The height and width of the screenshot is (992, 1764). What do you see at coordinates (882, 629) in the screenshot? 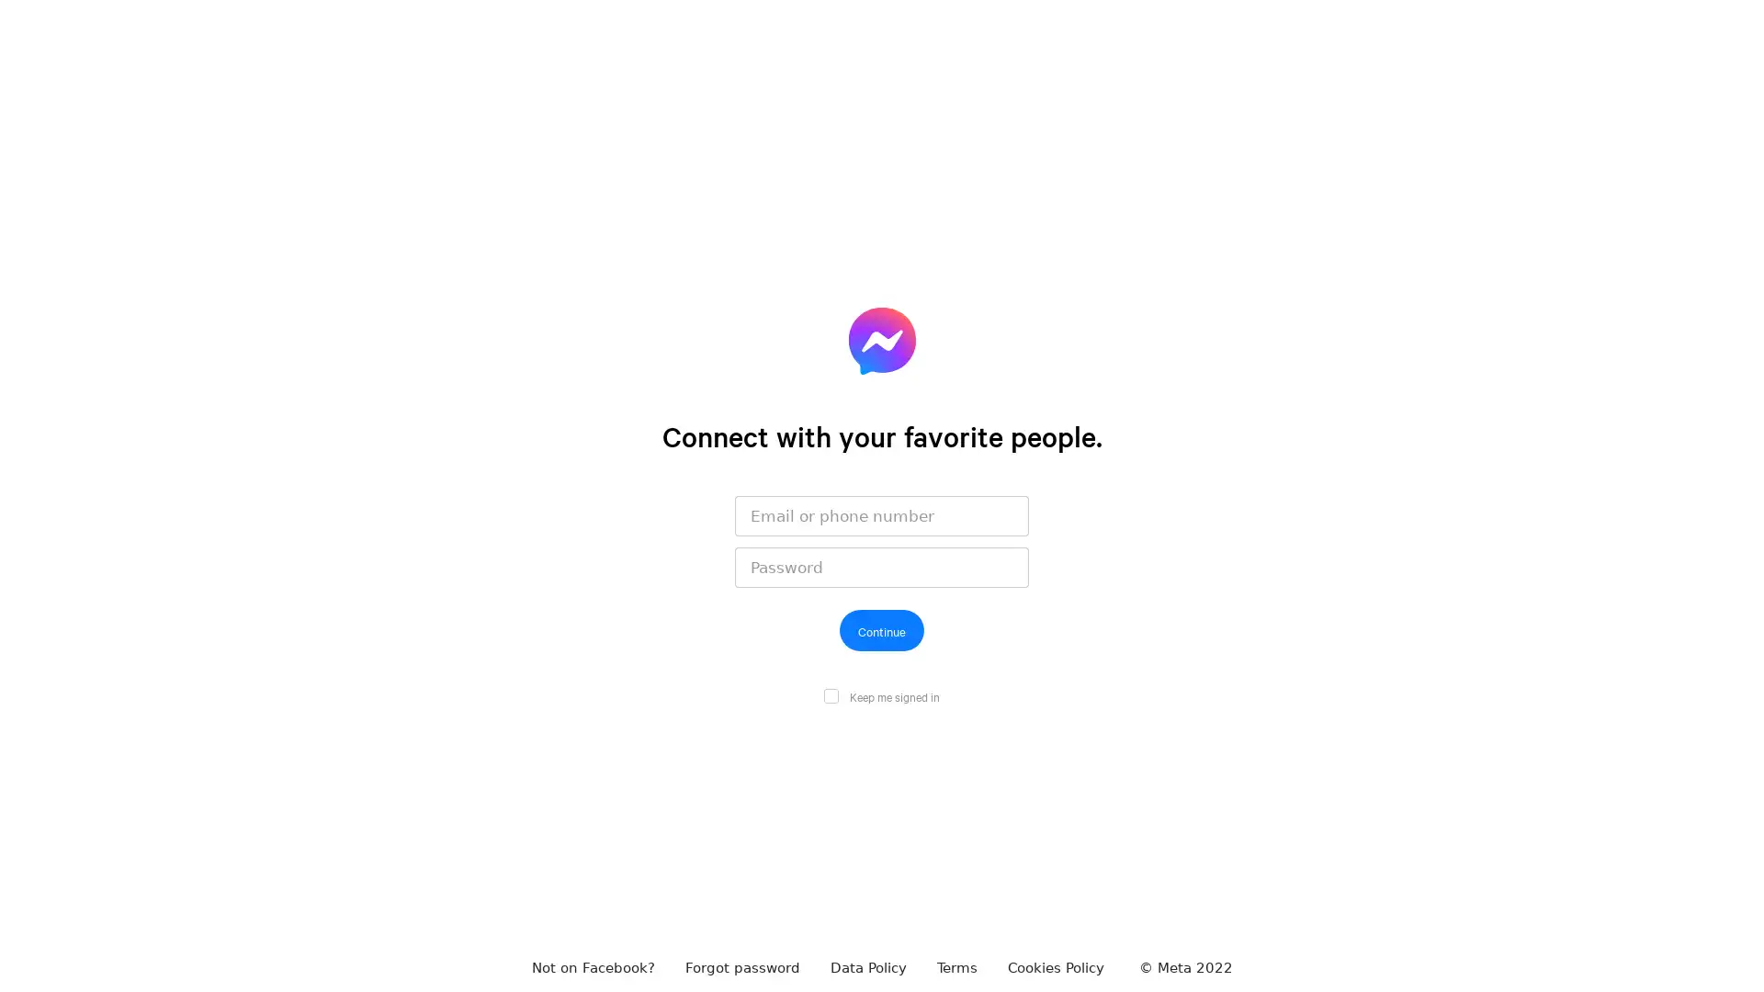
I see `Continue` at bounding box center [882, 629].